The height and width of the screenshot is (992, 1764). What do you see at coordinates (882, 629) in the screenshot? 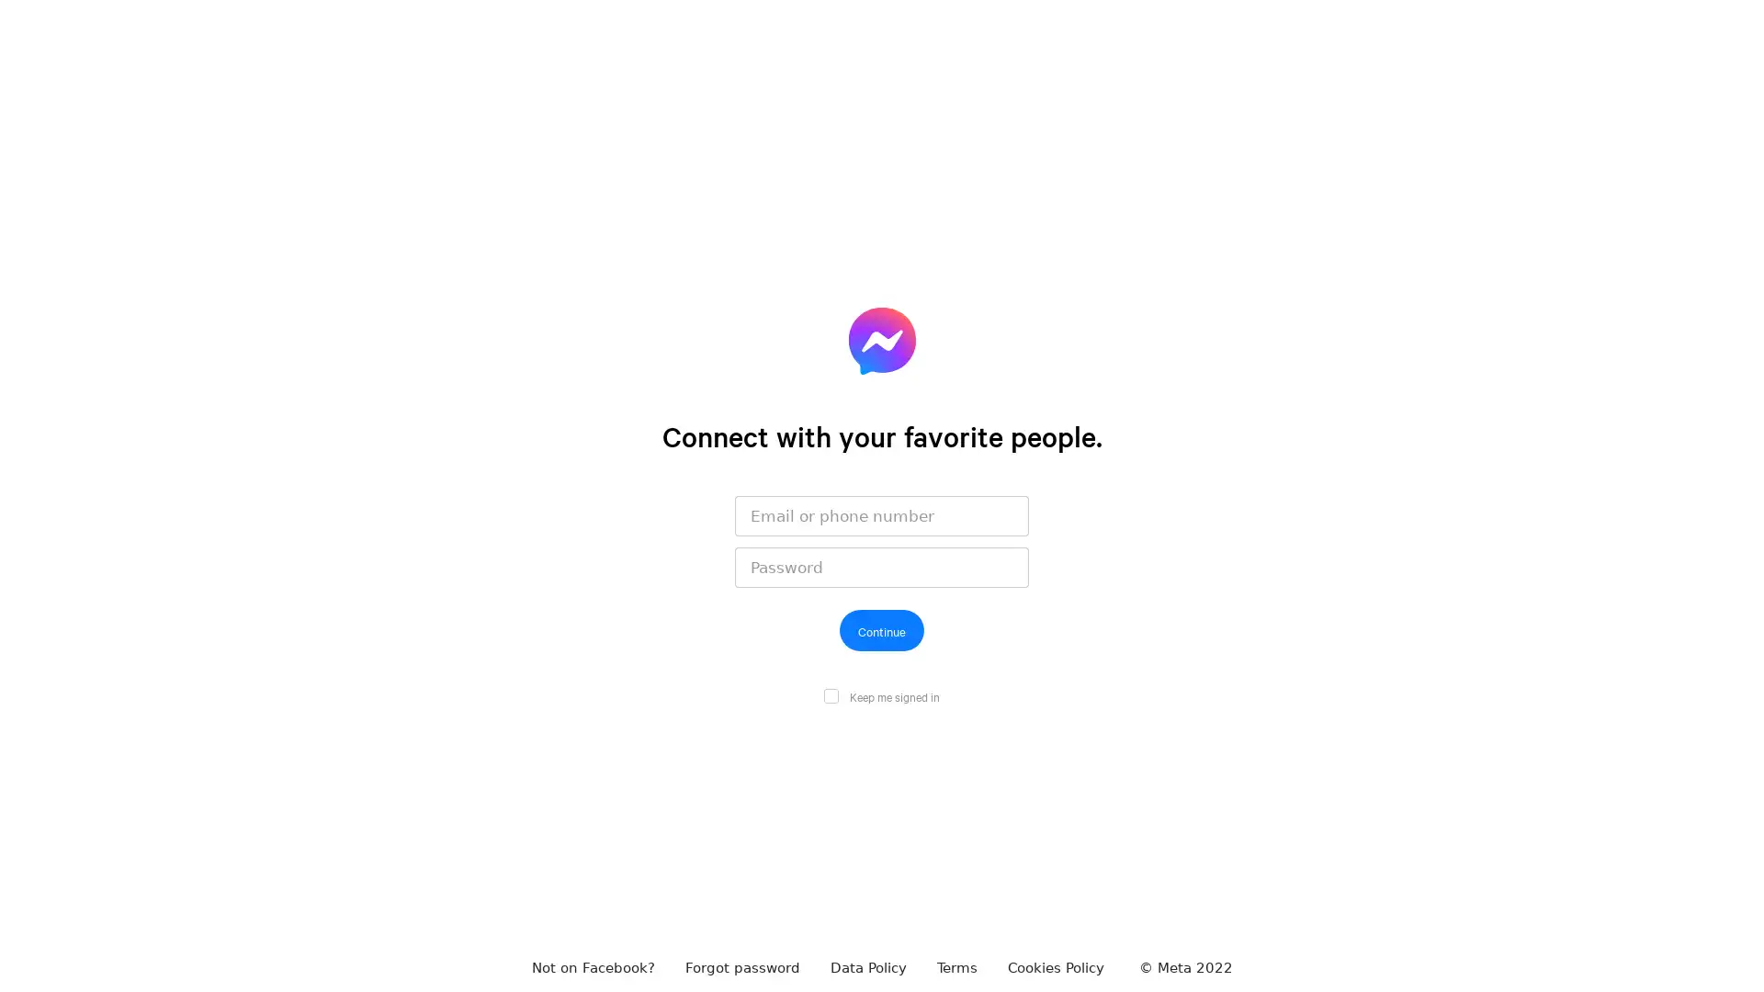
I see `Continue` at bounding box center [882, 629].